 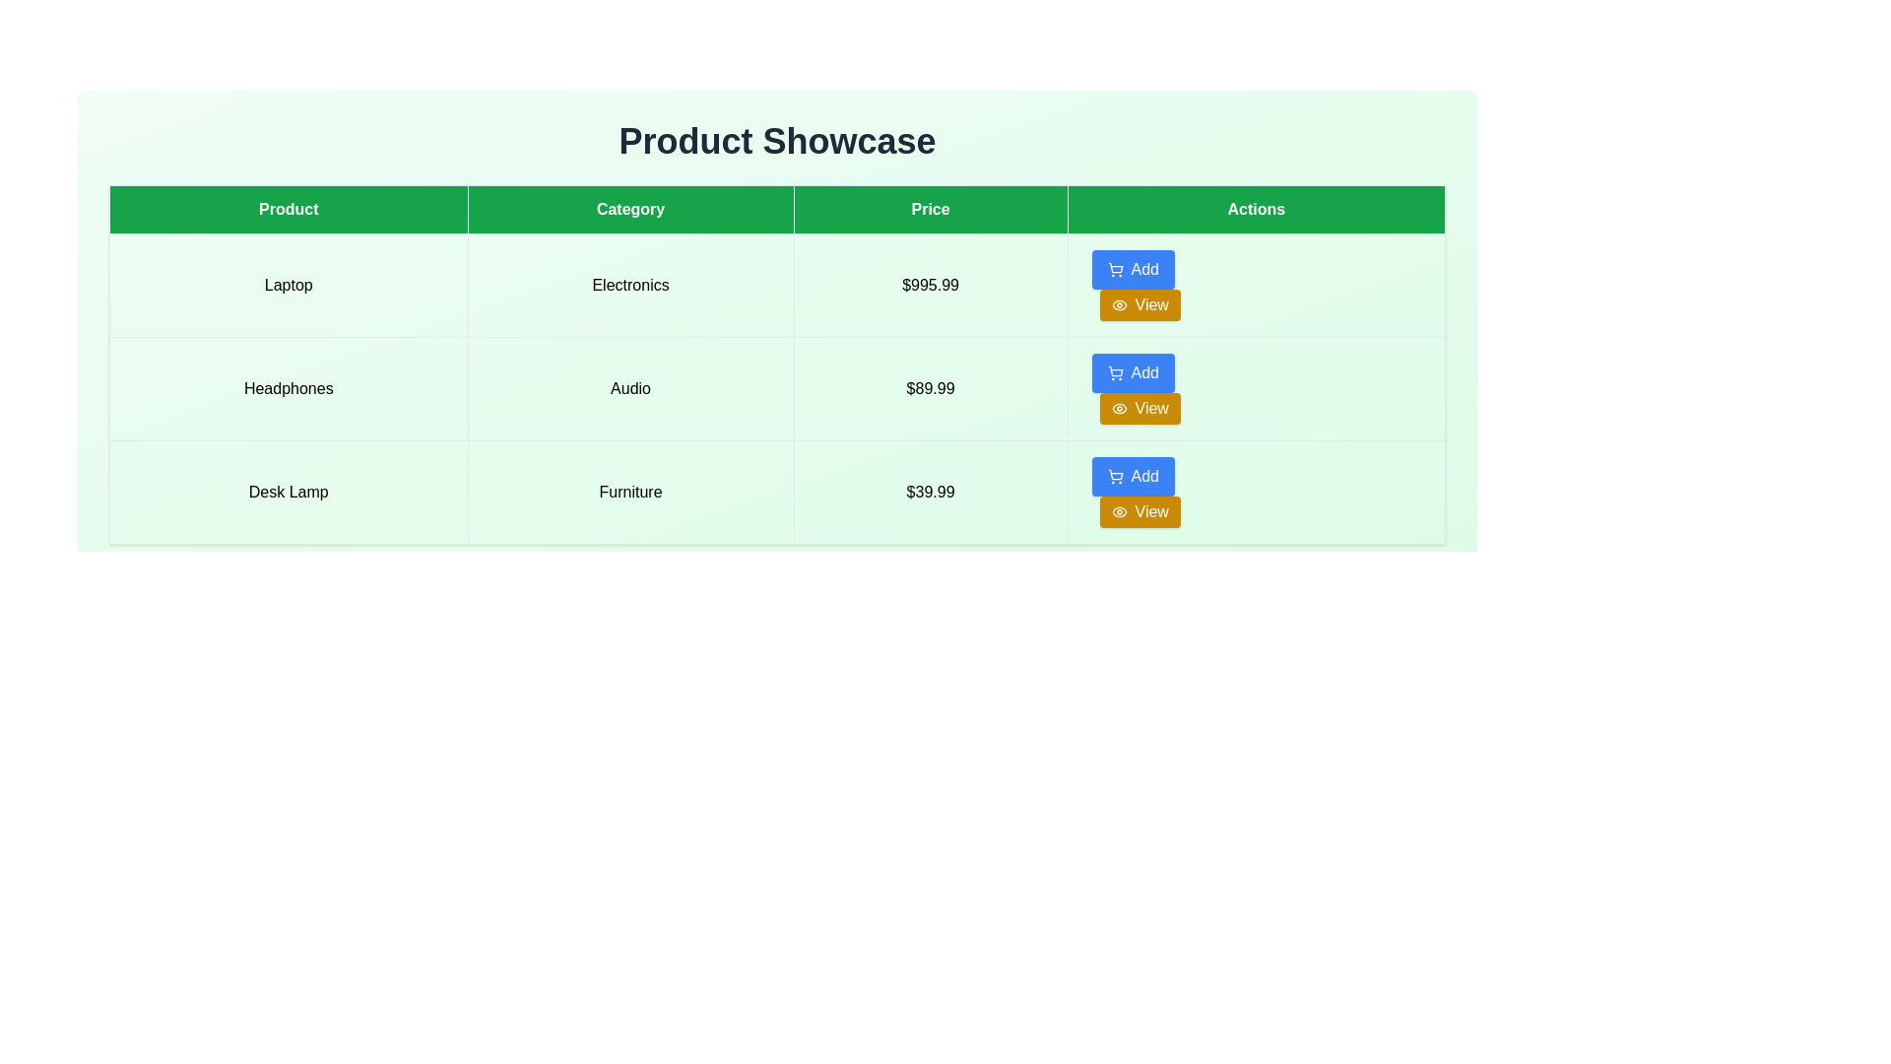 I want to click on the shopping cart icon located in the first row of the 'Actions' column, which is positioned to the left of the 'Add' text and beneath the blue 'Add' button, so click(x=1115, y=269).